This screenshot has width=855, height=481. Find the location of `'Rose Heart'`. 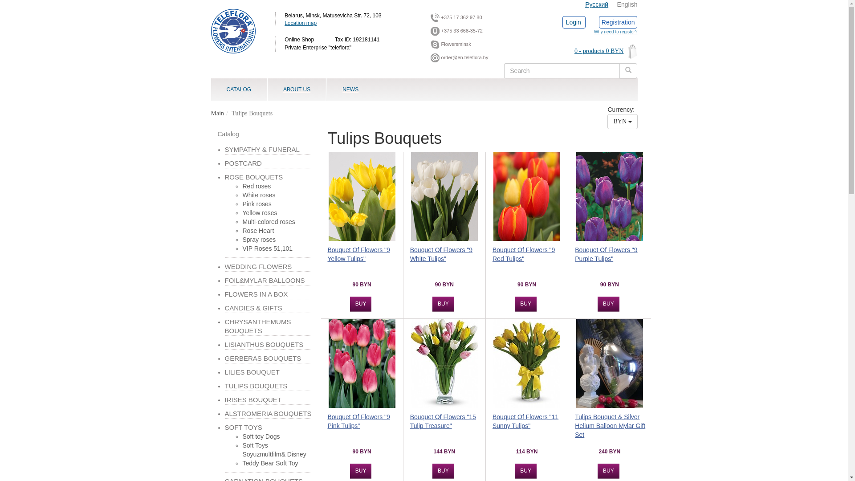

'Rose Heart' is located at coordinates (257, 230).